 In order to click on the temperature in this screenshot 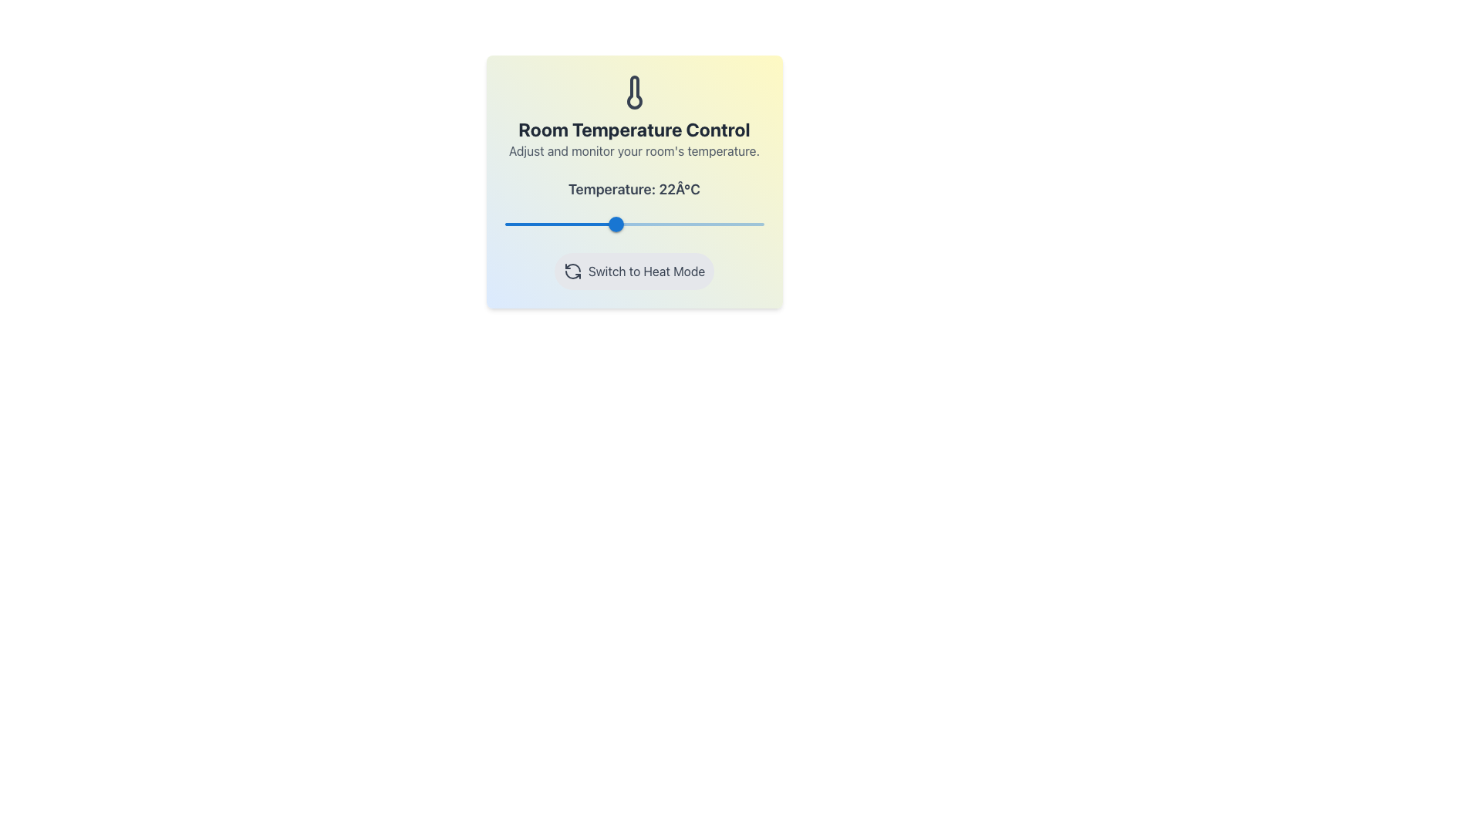, I will do `click(619, 224)`.